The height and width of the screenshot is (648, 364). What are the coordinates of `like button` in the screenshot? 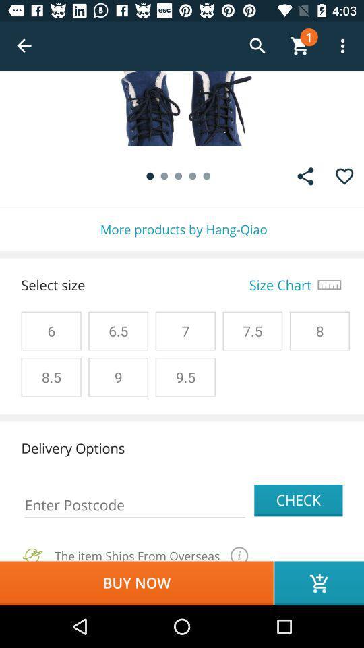 It's located at (344, 175).